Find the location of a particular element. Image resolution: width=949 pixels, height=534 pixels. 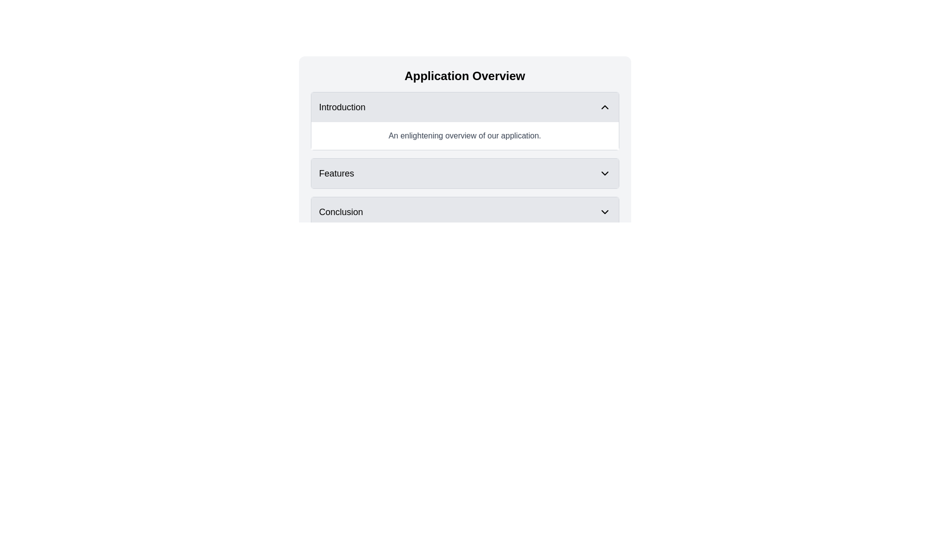

the non-interactive text label that provides an overview statement for the 'Introduction' section, located directly below the 'Introduction' title in the accordion layout is located at coordinates (464, 135).